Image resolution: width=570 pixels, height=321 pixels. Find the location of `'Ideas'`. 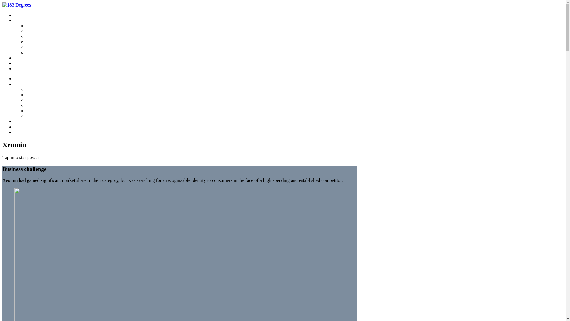

'Ideas' is located at coordinates (14, 68).